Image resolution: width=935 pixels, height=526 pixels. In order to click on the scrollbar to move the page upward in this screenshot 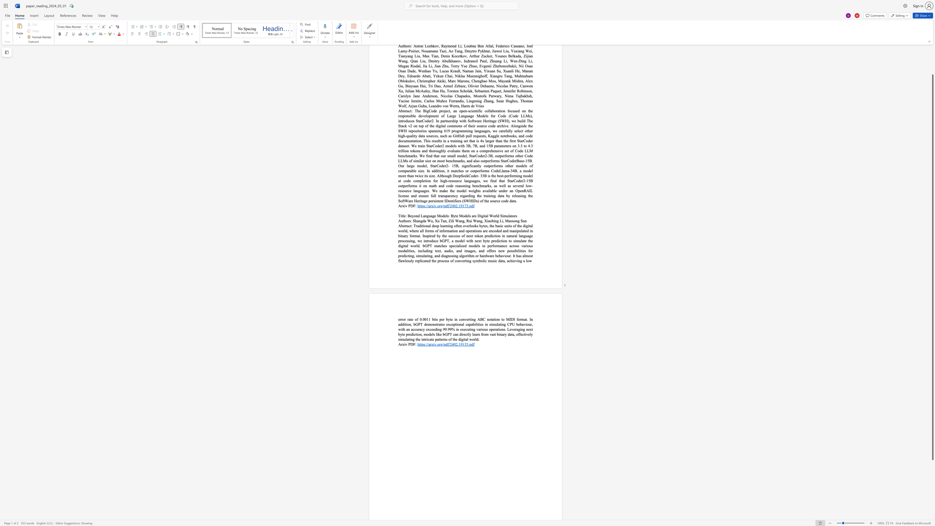, I will do `click(932, 60)`.